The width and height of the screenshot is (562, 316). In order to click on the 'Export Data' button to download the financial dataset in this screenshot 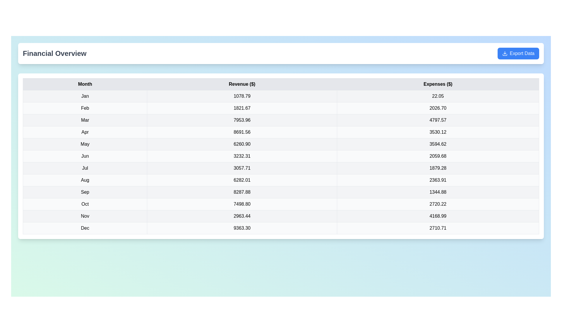, I will do `click(518, 53)`.